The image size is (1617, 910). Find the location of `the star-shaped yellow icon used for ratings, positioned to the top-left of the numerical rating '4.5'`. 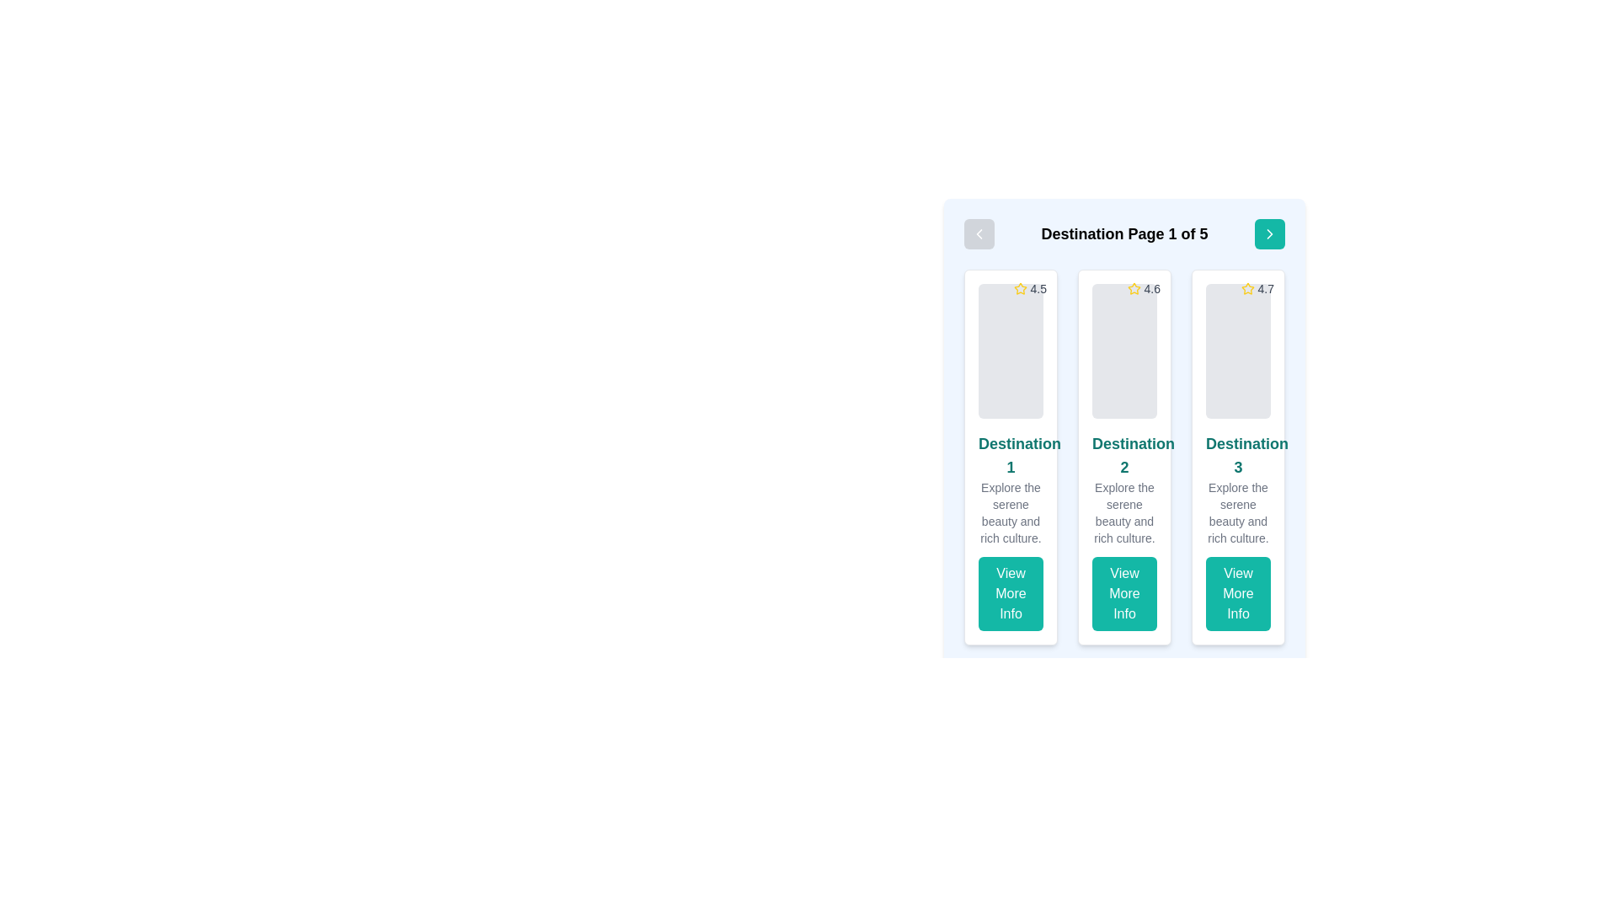

the star-shaped yellow icon used for ratings, positioned to the top-left of the numerical rating '4.5' is located at coordinates (1134, 287).